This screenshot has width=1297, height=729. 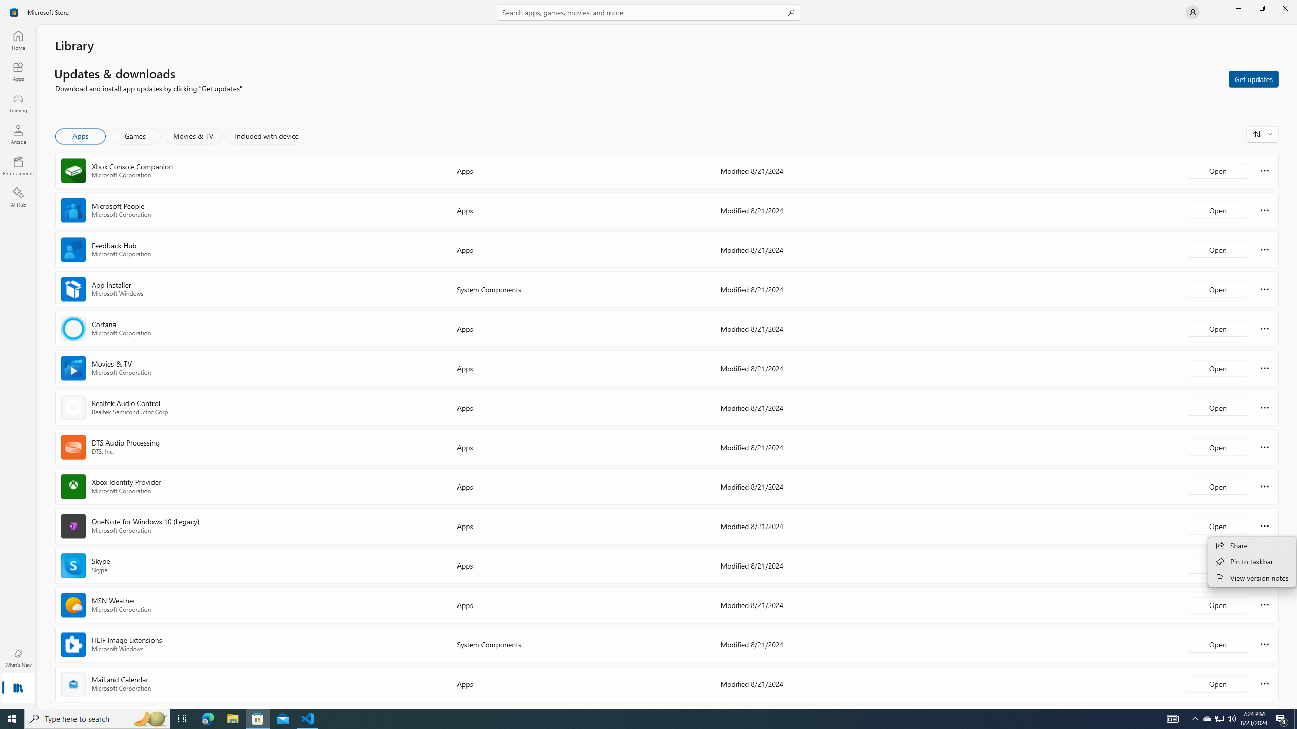 What do you see at coordinates (1262, 8) in the screenshot?
I see `'Restore Microsoft Store'` at bounding box center [1262, 8].